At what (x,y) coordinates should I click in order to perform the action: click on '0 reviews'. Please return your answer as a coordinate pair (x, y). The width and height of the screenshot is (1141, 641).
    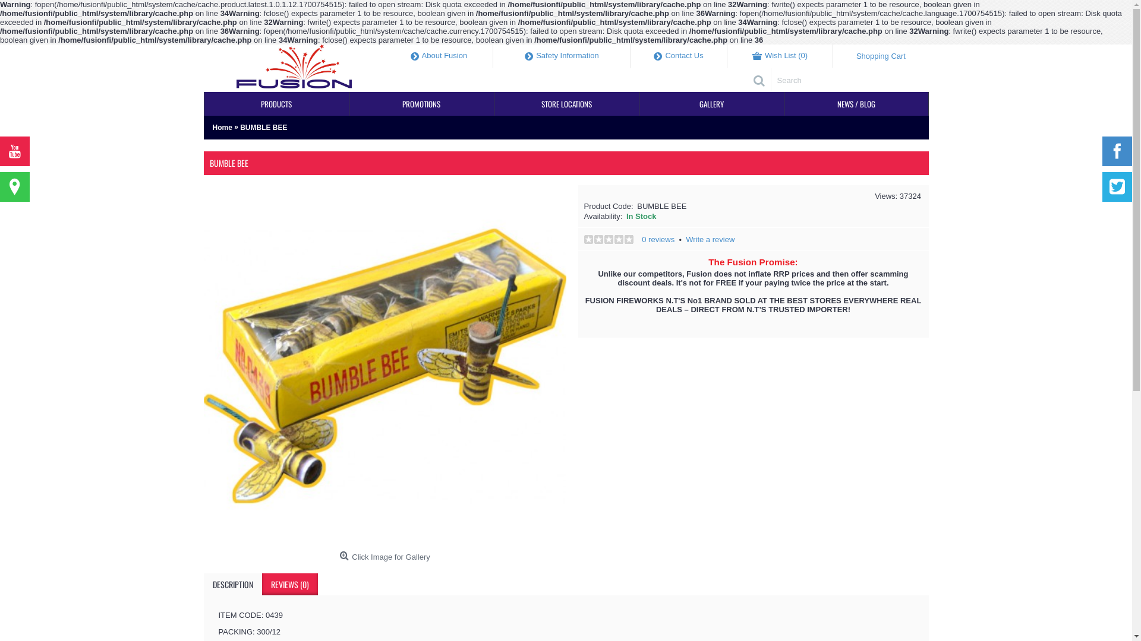
    Looking at the image, I should click on (657, 239).